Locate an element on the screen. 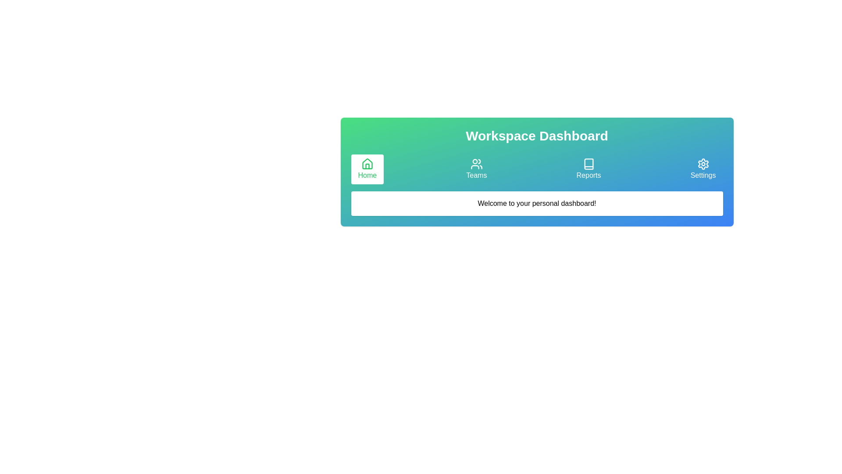 This screenshot has width=842, height=474. the 'Reports' text label located below the book icon in the navigation toolbar is located at coordinates (589, 176).